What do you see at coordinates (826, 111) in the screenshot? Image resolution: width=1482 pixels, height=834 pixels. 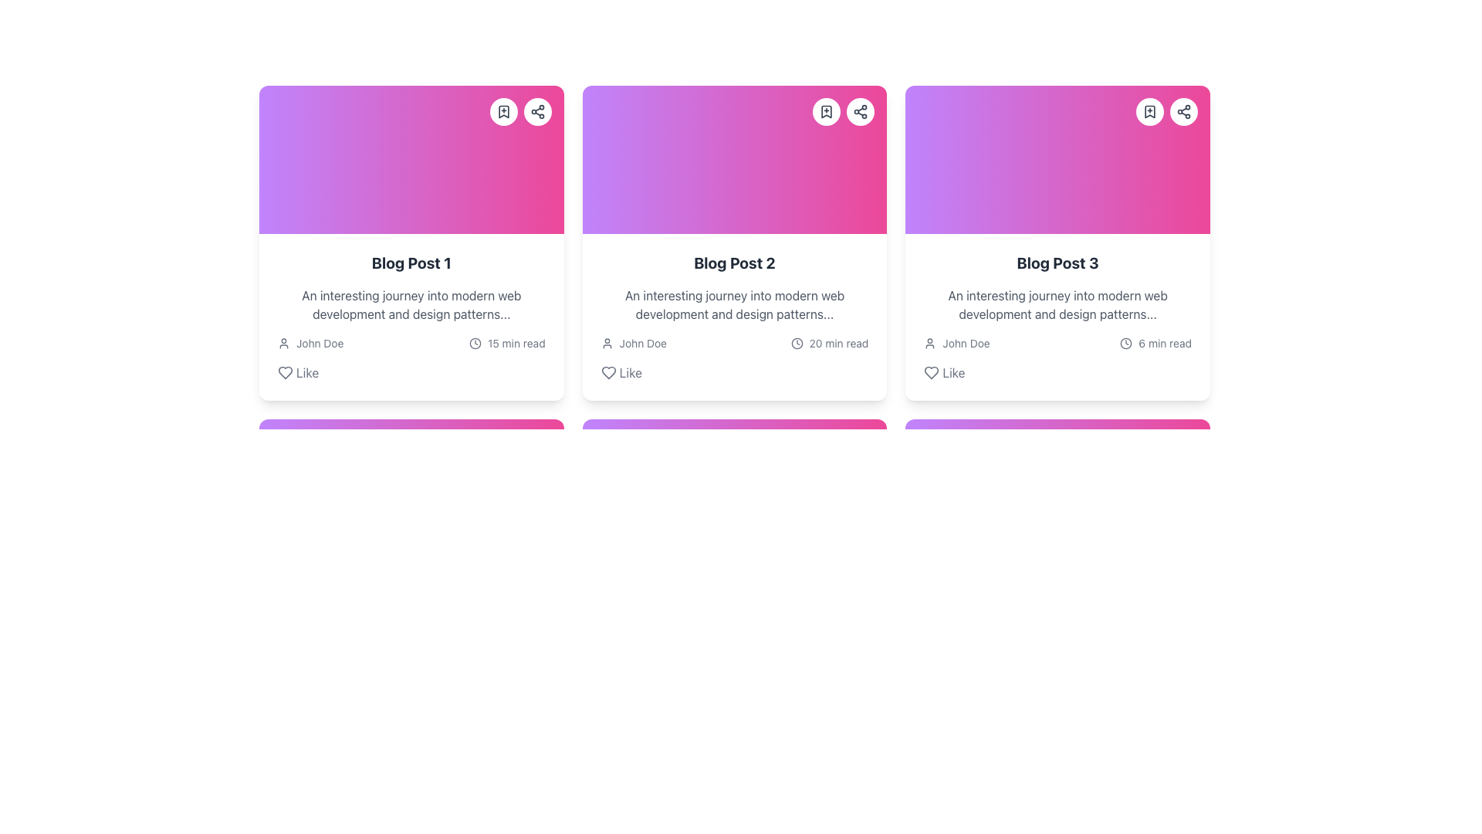 I see `the left-most circular button with a white background and dark gray bookmark icon located in the top-right corner of the second card` at bounding box center [826, 111].